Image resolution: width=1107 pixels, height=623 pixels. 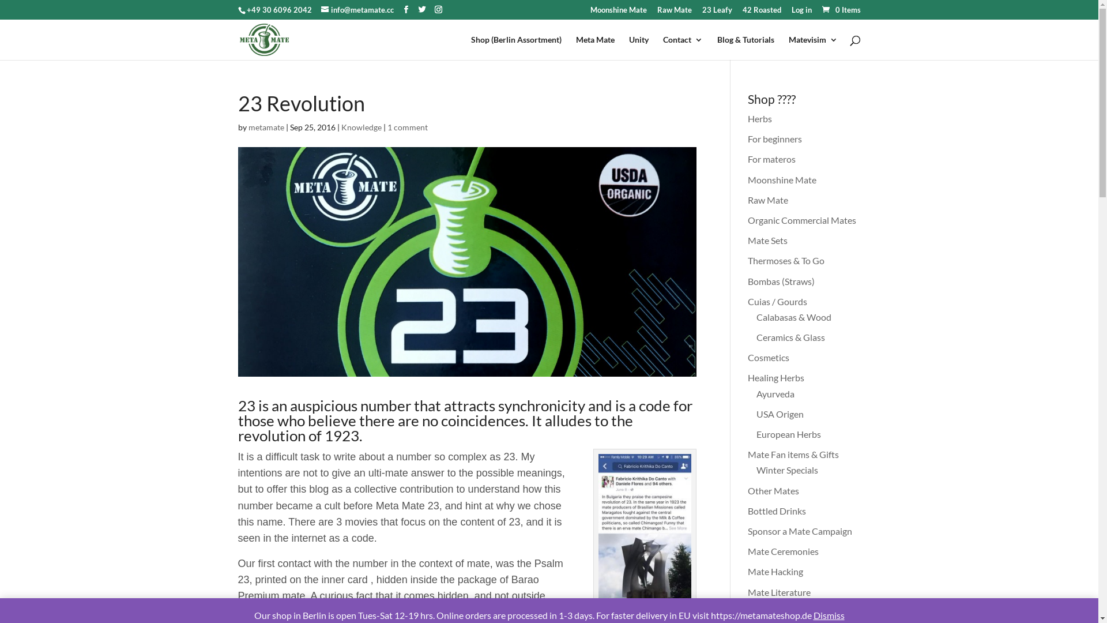 What do you see at coordinates (747, 301) in the screenshot?
I see `'Cuias / Gourds'` at bounding box center [747, 301].